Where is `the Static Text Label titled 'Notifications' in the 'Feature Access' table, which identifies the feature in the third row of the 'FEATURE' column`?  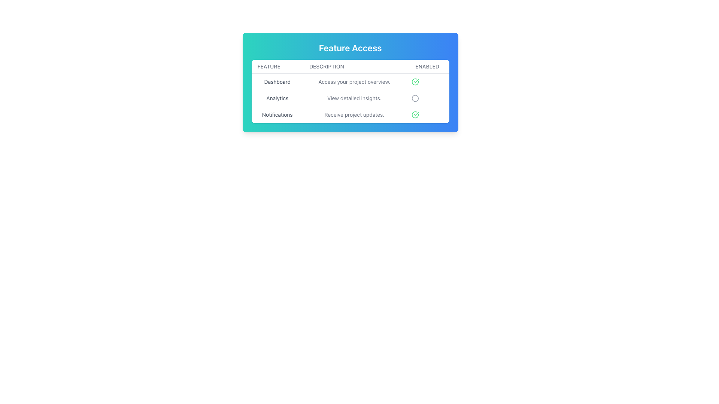
the Static Text Label titled 'Notifications' in the 'Feature Access' table, which identifies the feature in the third row of the 'FEATURE' column is located at coordinates (277, 115).